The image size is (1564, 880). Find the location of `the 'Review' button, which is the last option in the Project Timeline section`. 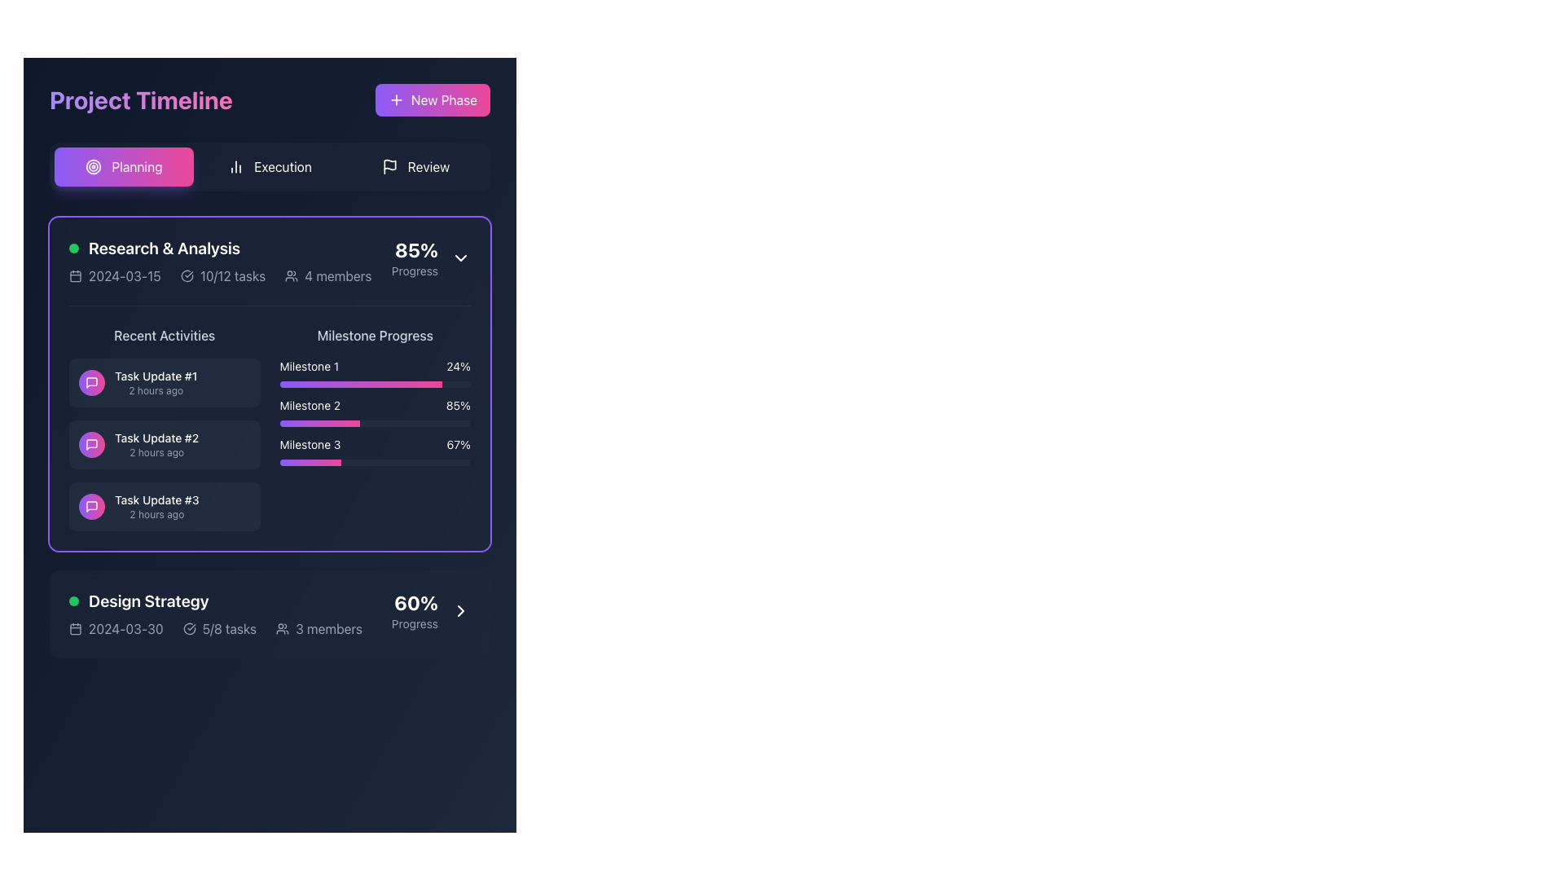

the 'Review' button, which is the last option in the Project Timeline section is located at coordinates (415, 166).